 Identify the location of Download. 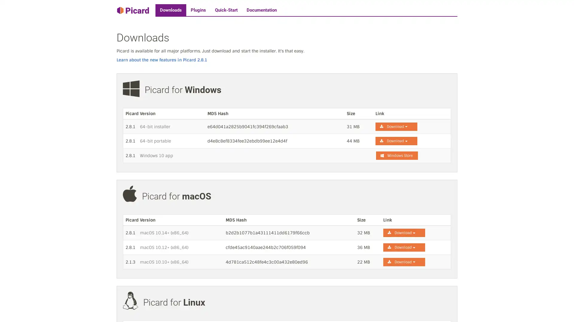
(396, 126).